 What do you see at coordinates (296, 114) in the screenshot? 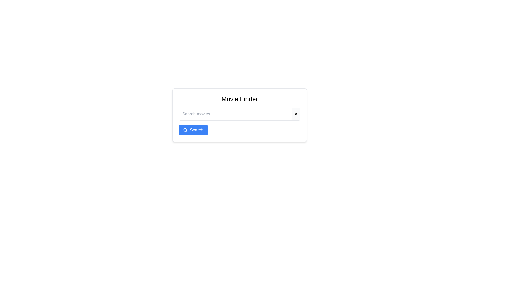
I see `the clear button represented by an 'X' shape icon, positioned at the far right of the text input field, to erase all user-entered text` at bounding box center [296, 114].